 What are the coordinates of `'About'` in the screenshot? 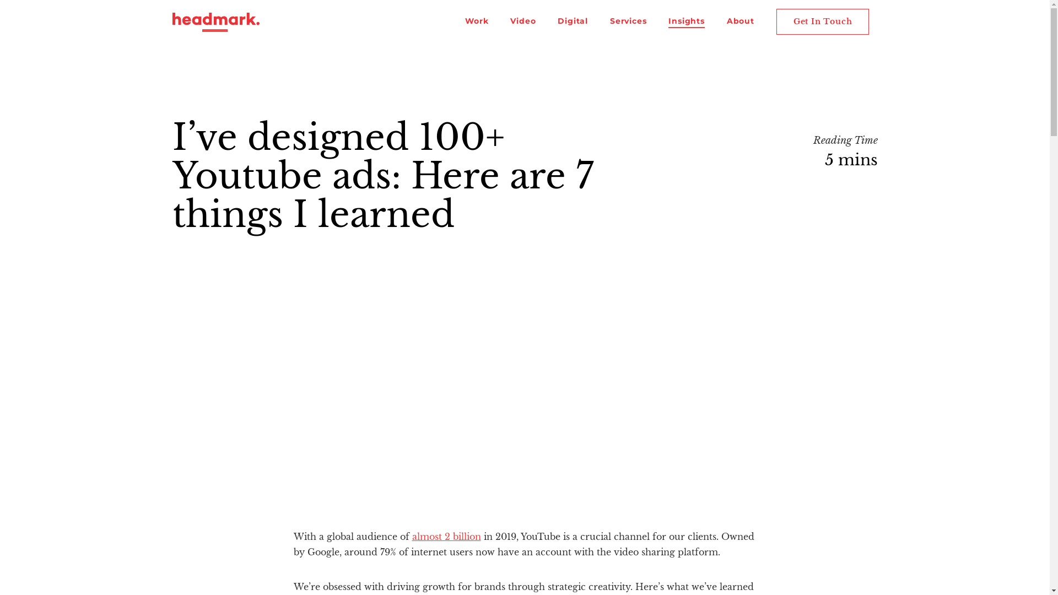 It's located at (727, 21).